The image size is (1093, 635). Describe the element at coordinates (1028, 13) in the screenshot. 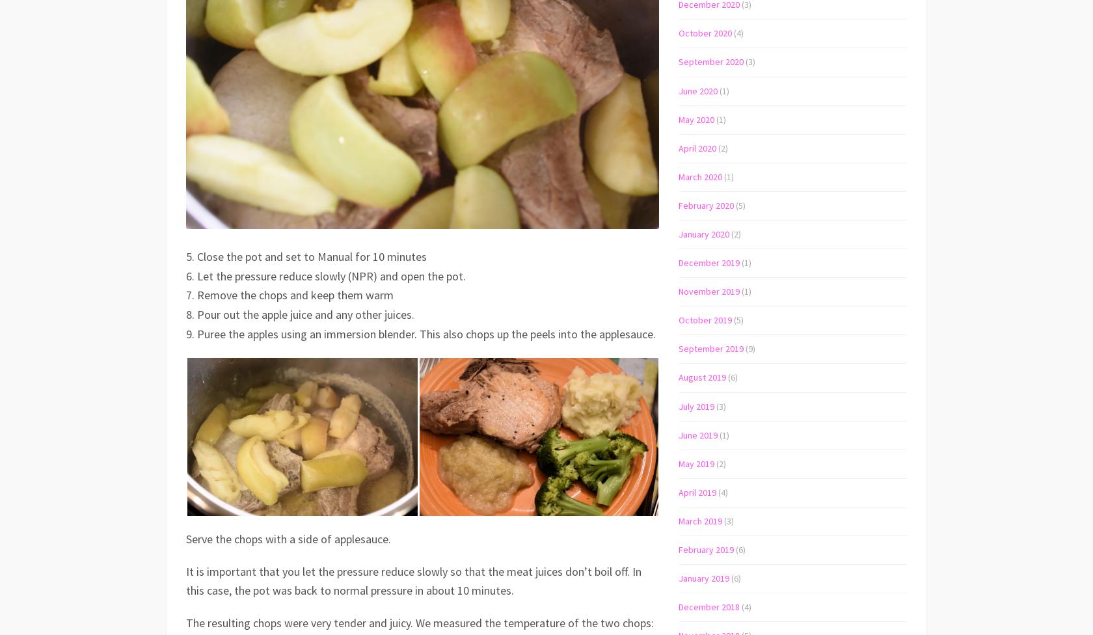

I see `'Follow'` at that location.